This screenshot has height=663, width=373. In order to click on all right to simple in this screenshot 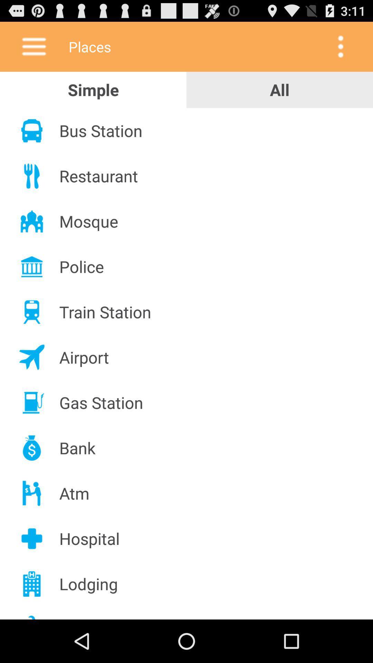, I will do `click(280, 89)`.